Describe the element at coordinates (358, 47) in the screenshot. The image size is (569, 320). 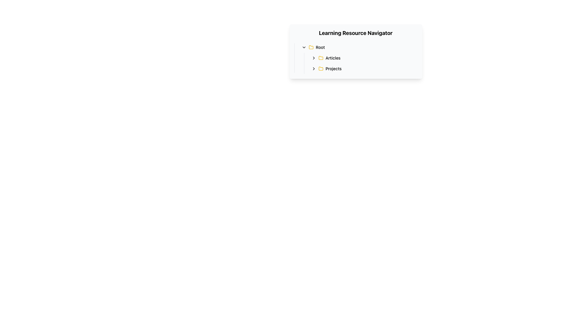
I see `the arrow of the first interactive list item under 'Learning Resource Navigator'` at that location.